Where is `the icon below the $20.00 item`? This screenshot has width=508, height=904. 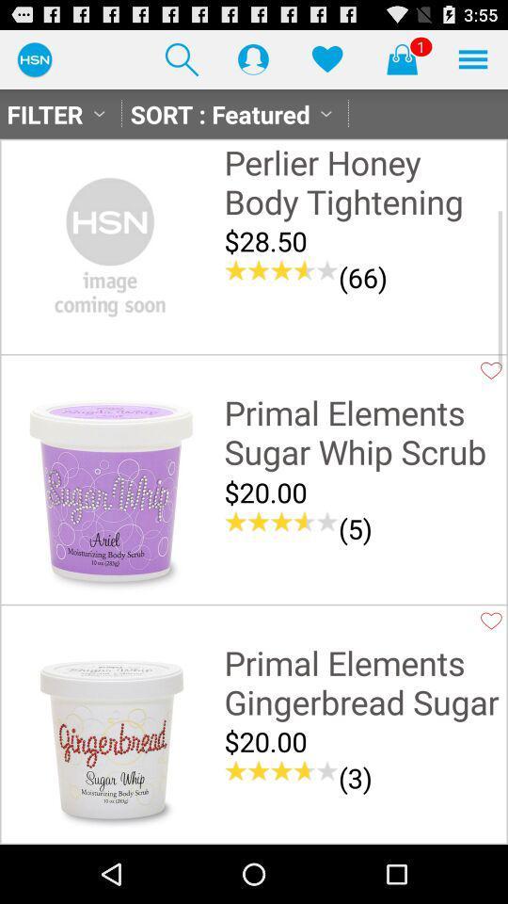
the icon below the $20.00 item is located at coordinates (280, 522).